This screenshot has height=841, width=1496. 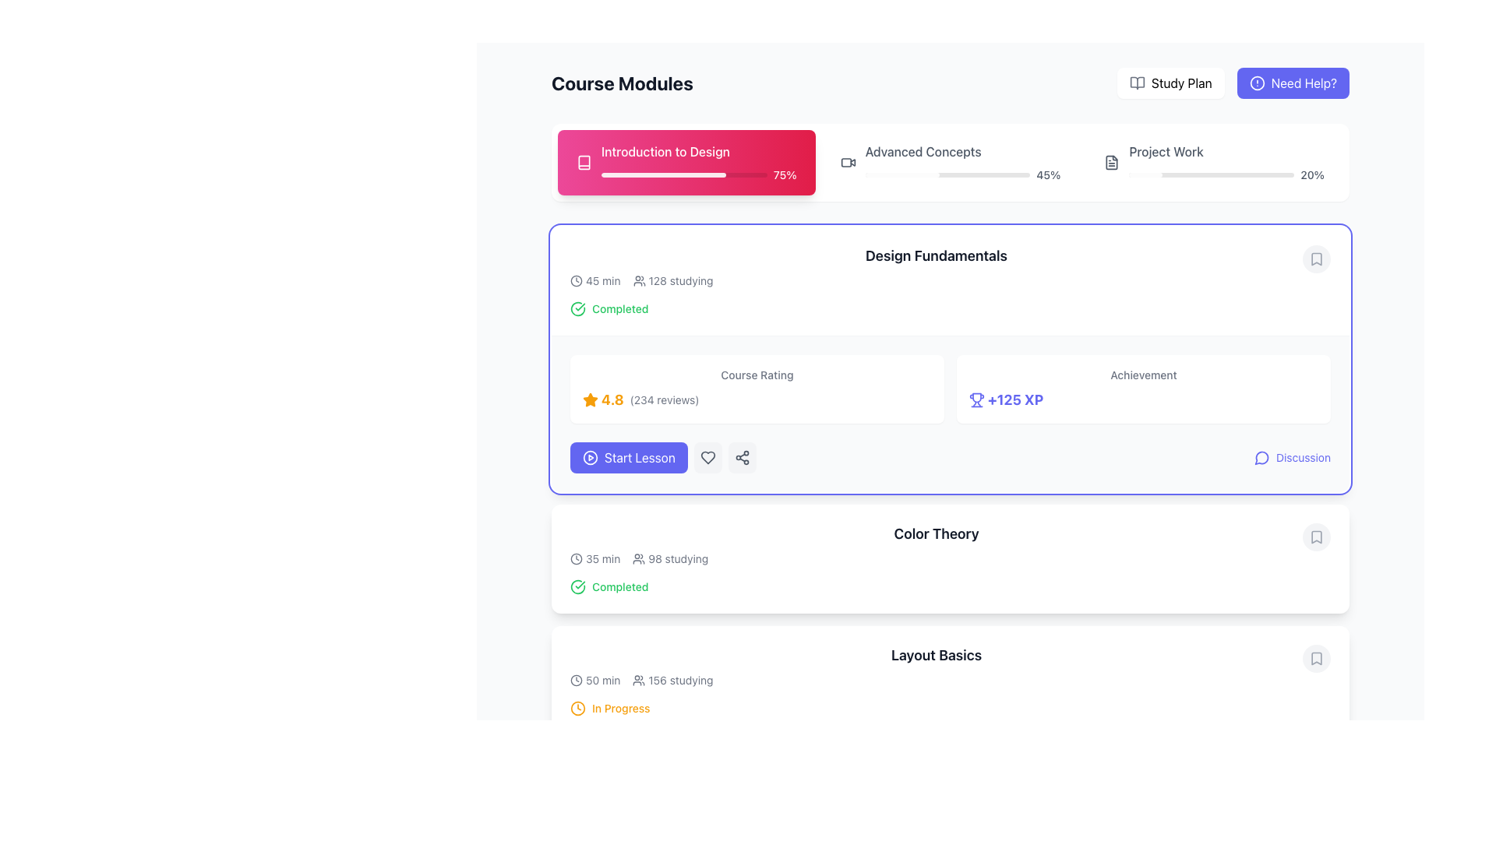 I want to click on text content of the label displaying '20%' located to the far right of the third progress bar under the 'Project Work' header, so click(x=1311, y=174).